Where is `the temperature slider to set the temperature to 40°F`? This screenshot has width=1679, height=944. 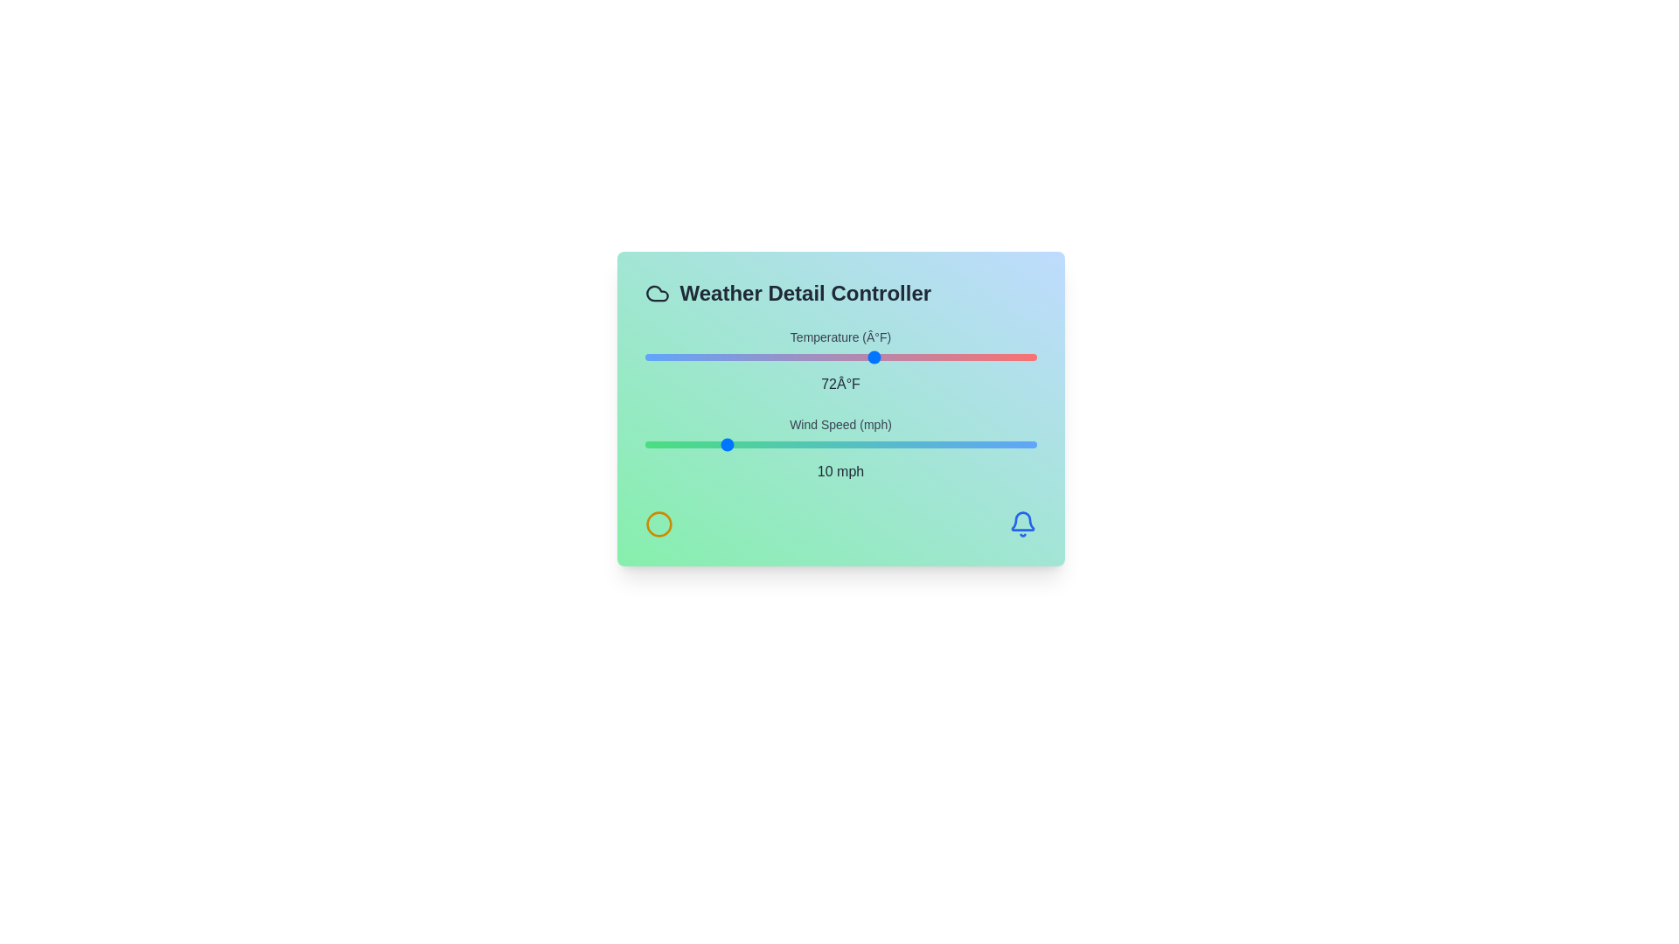 the temperature slider to set the temperature to 40°F is located at coordinates (690, 356).